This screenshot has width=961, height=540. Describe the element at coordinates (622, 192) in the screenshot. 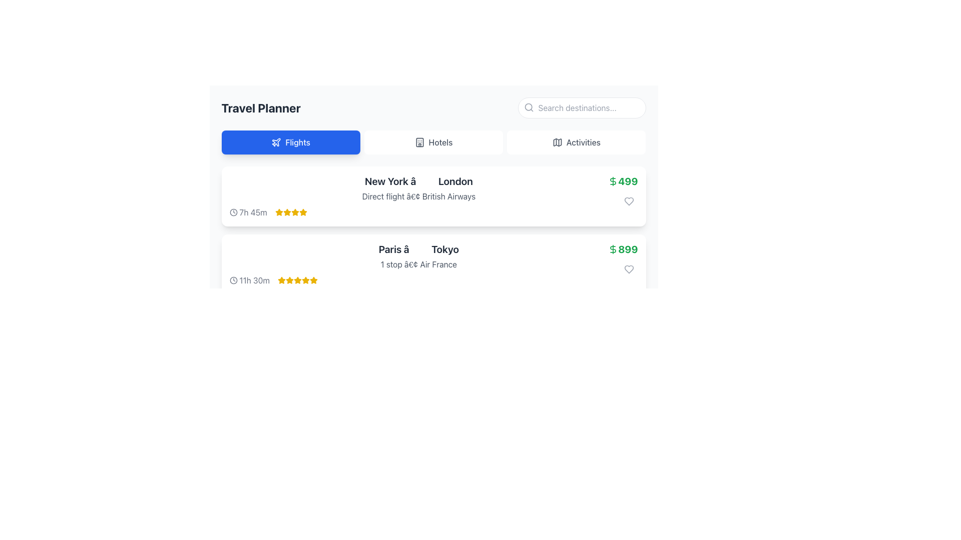

I see `the Text with Icon displaying the flight ticket cost in bold at the top-right corner of the flight card from New York to London` at that location.